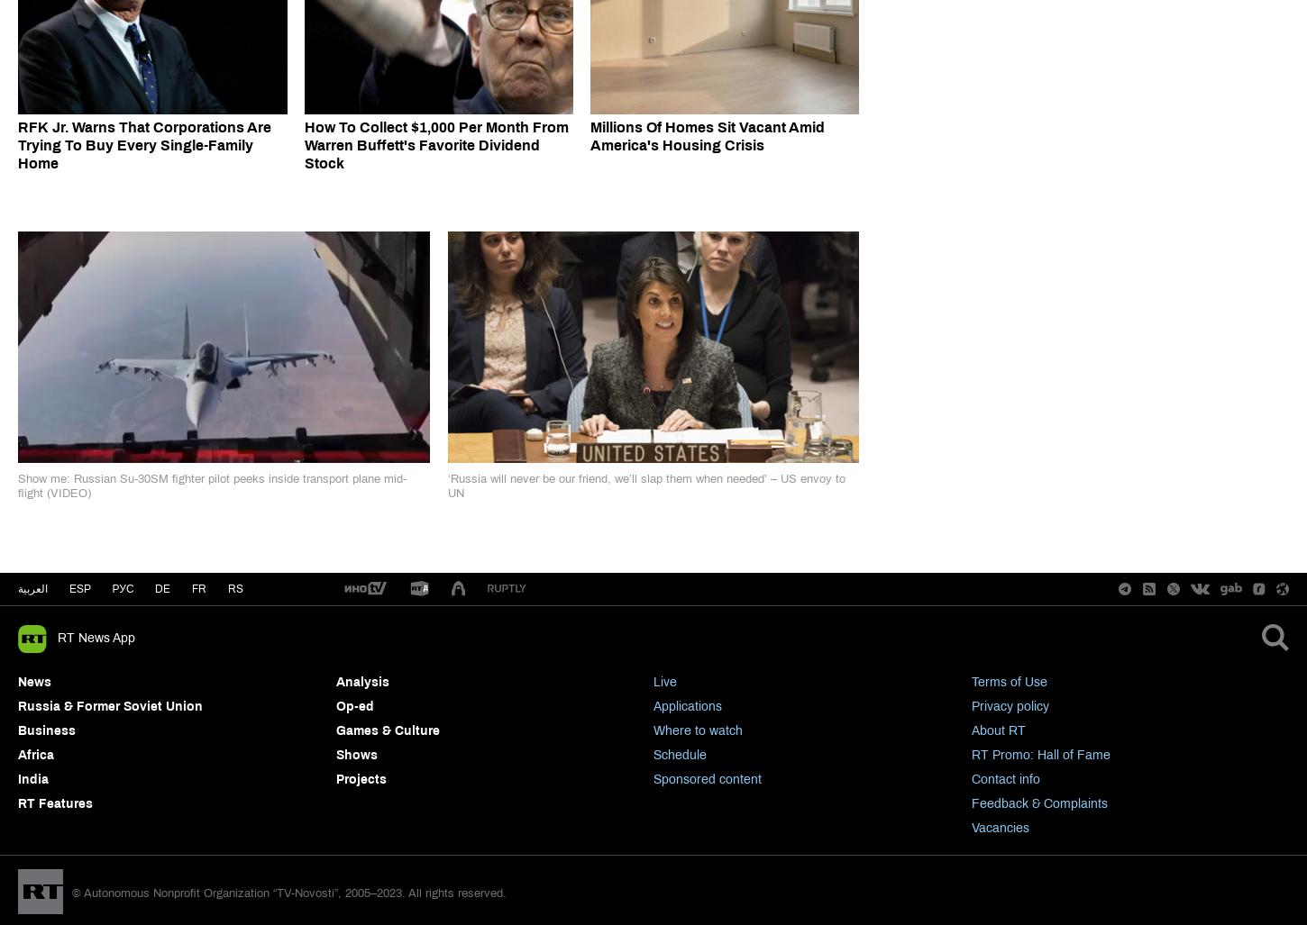  I want to click on 'RT Features', so click(18, 803).